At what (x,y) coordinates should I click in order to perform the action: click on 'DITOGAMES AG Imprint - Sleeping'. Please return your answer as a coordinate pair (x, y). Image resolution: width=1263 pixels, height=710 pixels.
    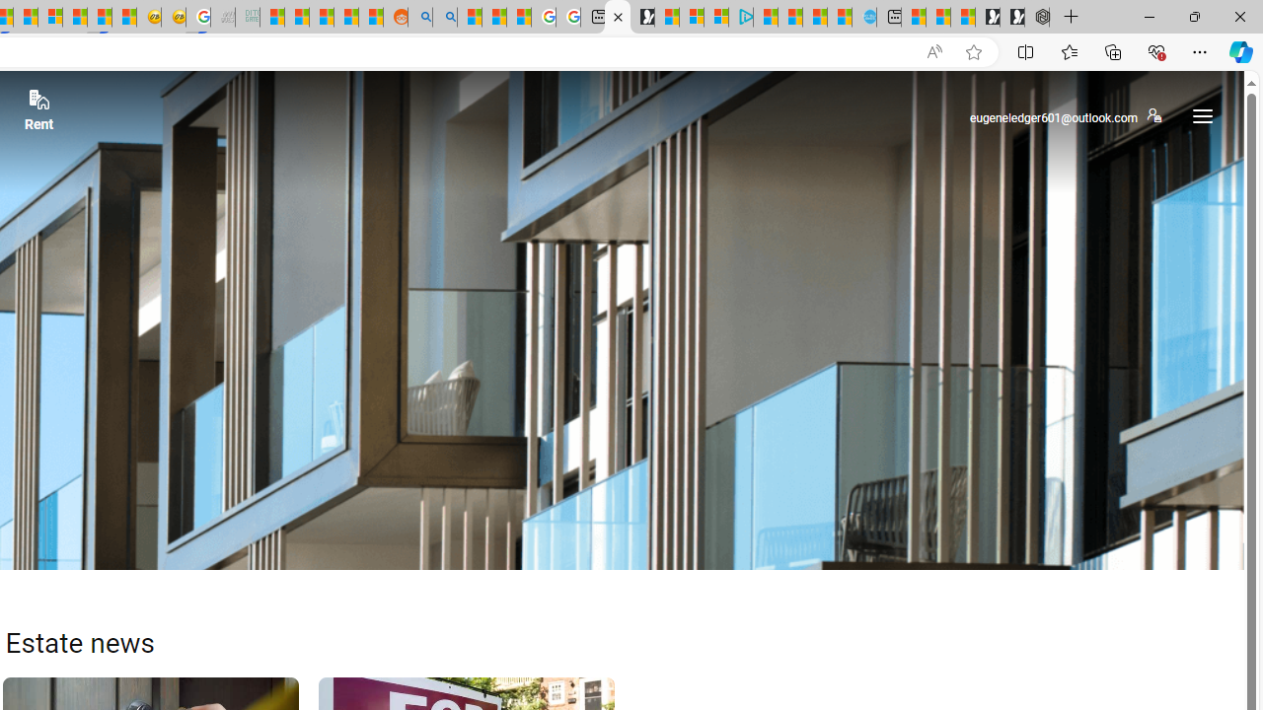
    Looking at the image, I should click on (246, 17).